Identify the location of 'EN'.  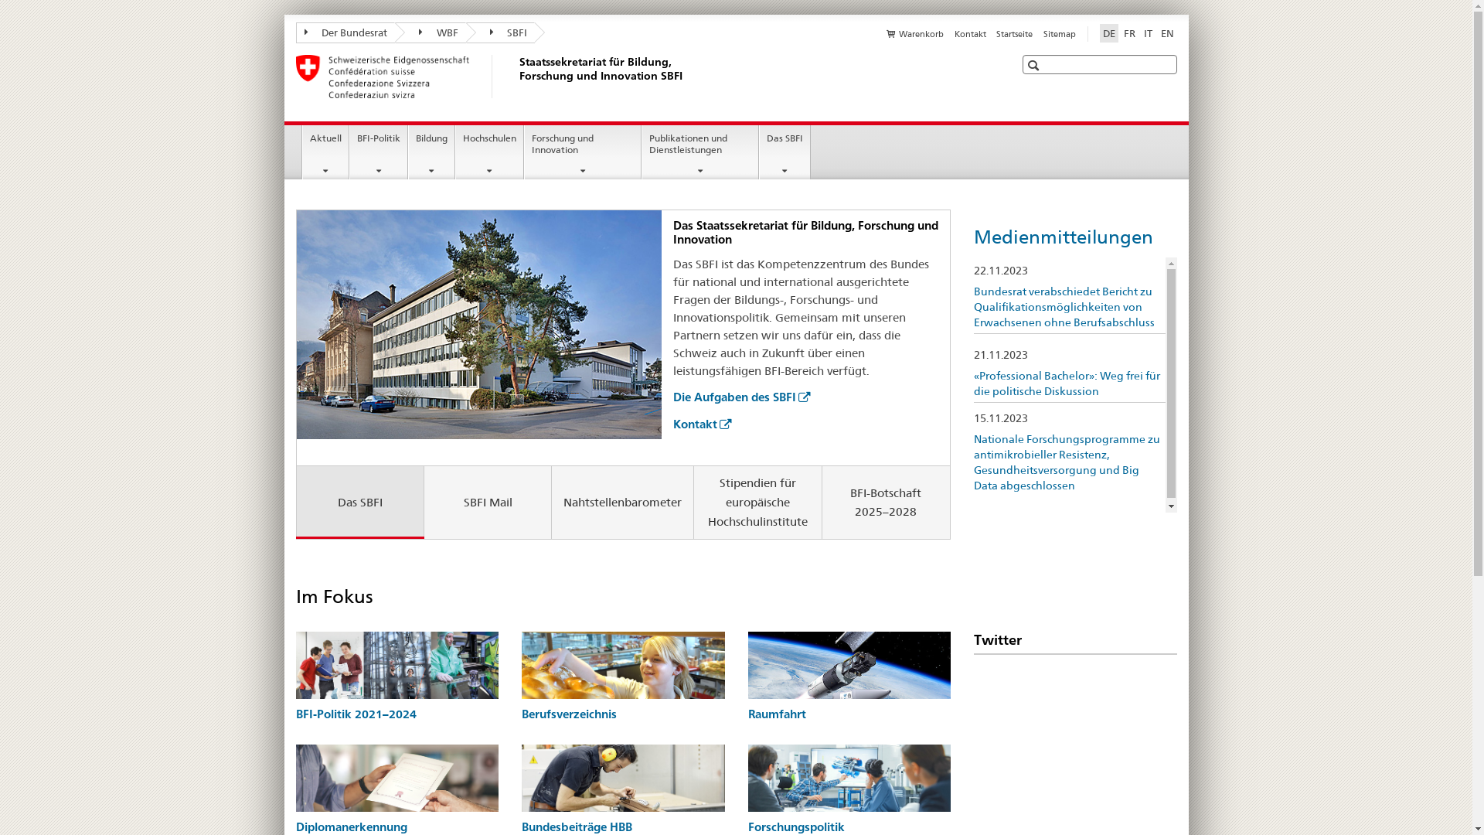
(1167, 32).